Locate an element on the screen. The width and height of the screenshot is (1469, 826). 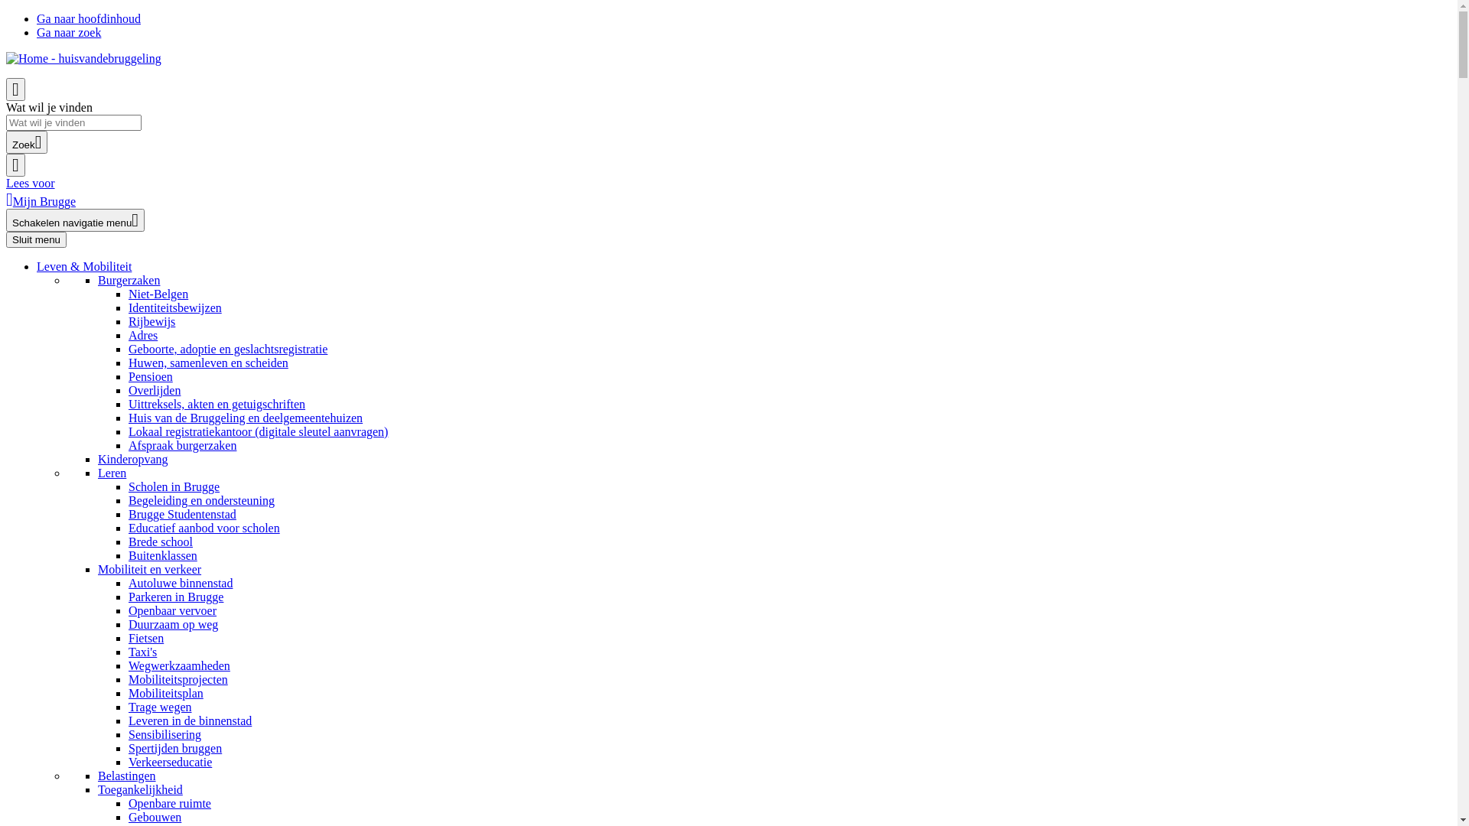
'Leveren in de binnenstad' is located at coordinates (189, 720).